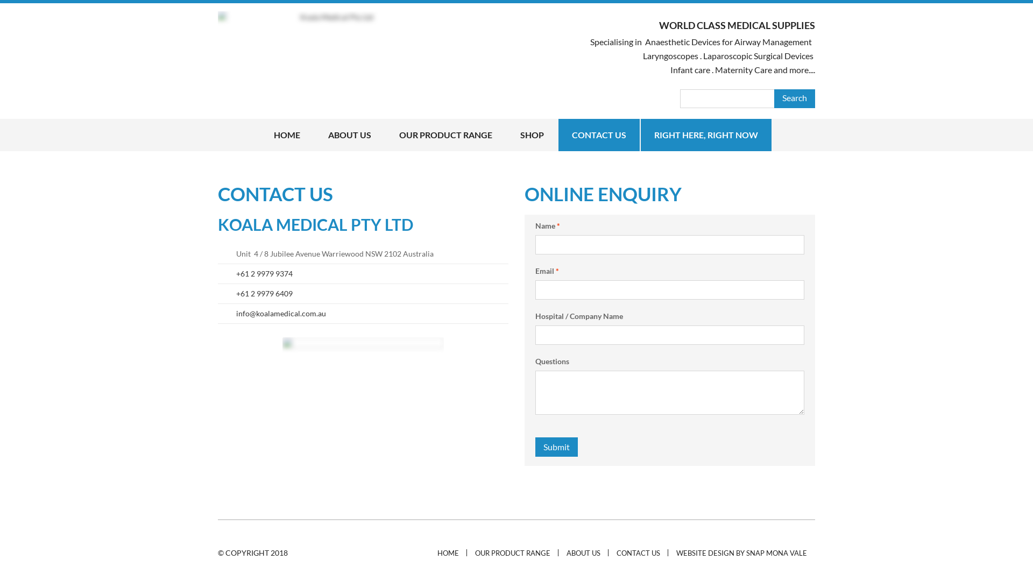  I want to click on 'SHOP', so click(532, 134).